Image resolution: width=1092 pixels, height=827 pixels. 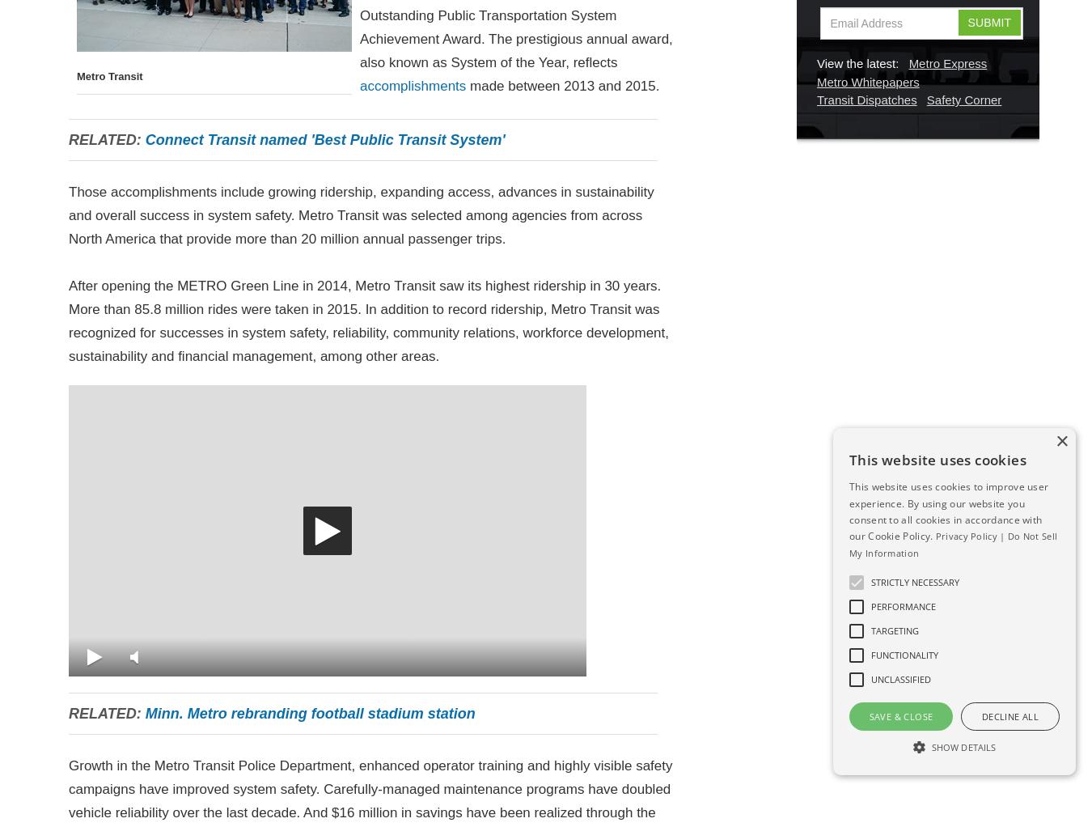 I want to click on 'Connect Transit named 'Best Public Transit System'', so click(x=324, y=138).